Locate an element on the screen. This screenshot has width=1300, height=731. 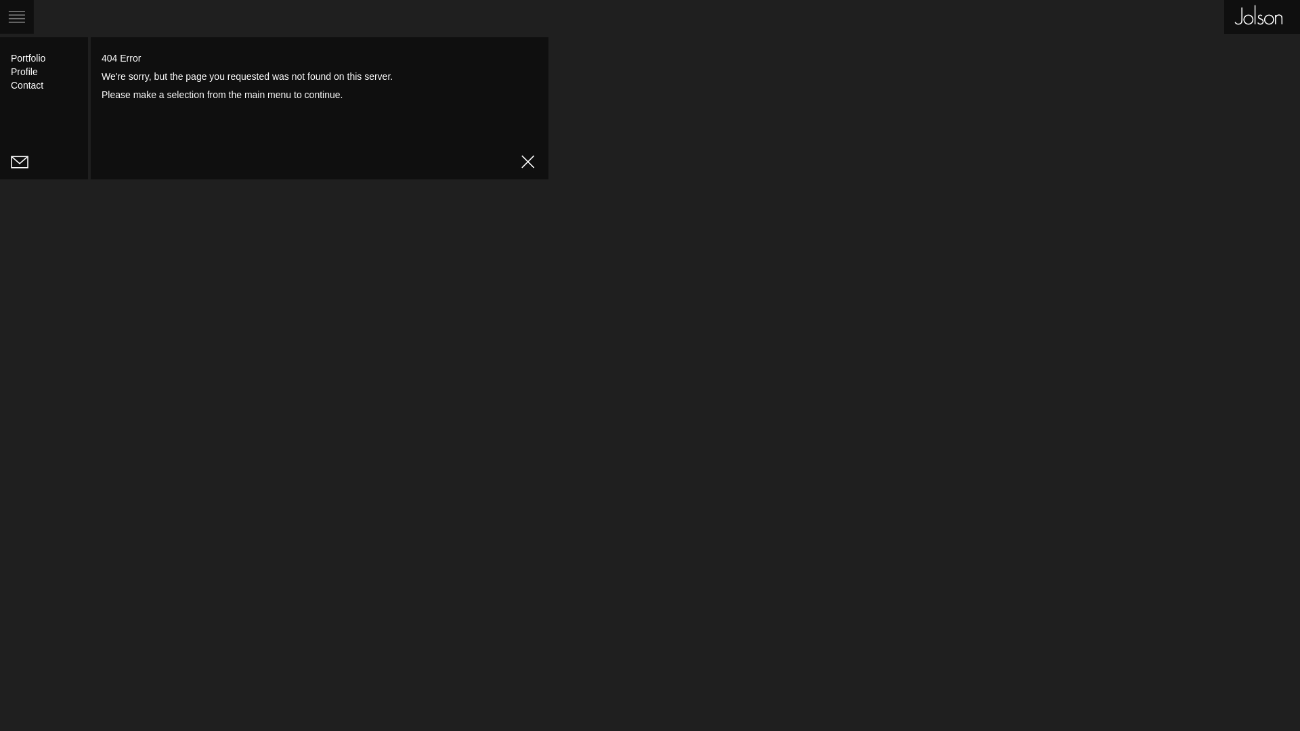
'Portfolio' is located at coordinates (28, 57).